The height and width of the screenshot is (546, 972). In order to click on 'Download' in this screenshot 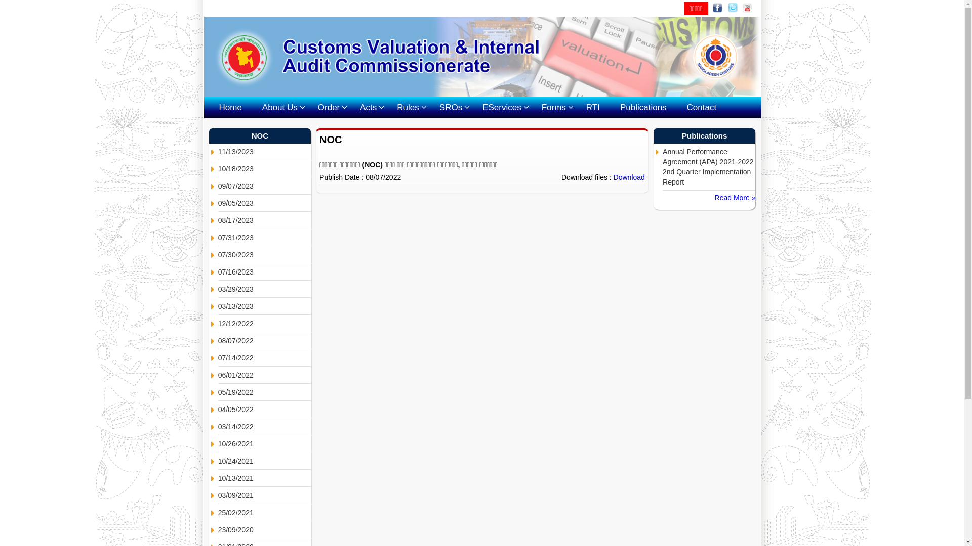, I will do `click(629, 177)`.